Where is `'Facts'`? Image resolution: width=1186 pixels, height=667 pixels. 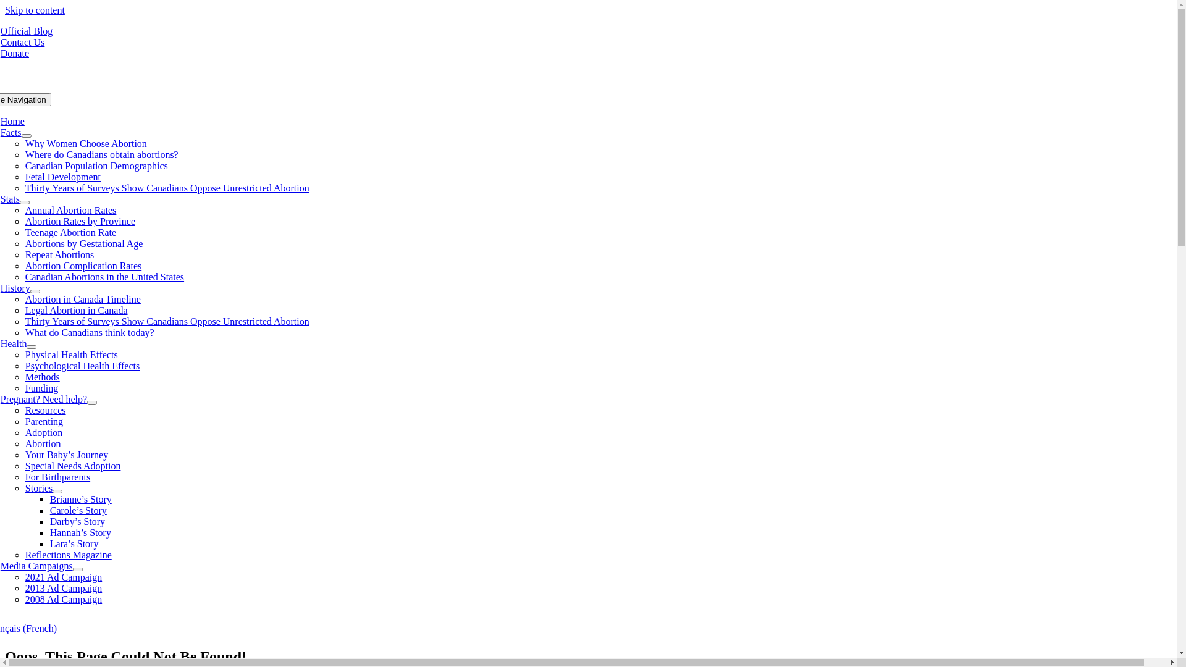 'Facts' is located at coordinates (11, 132).